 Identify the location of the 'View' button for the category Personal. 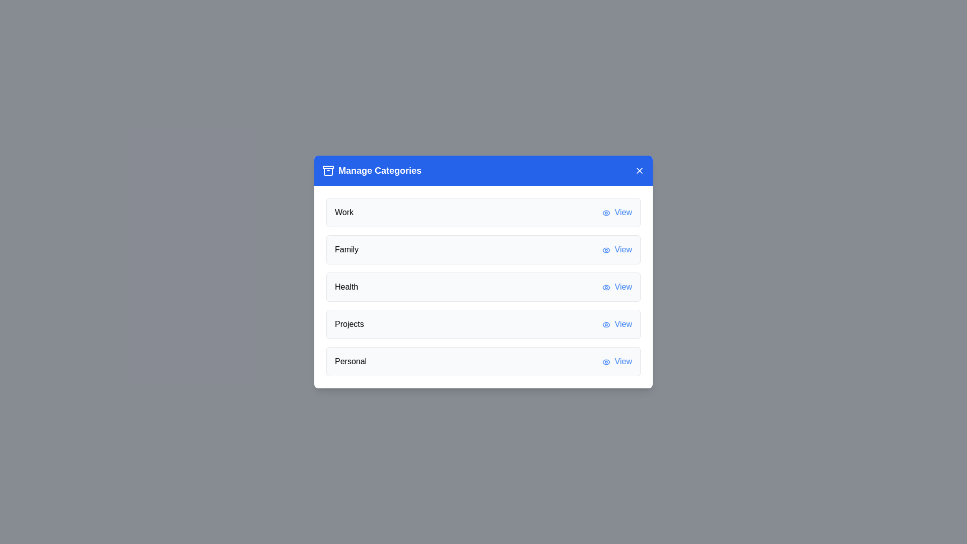
(616, 361).